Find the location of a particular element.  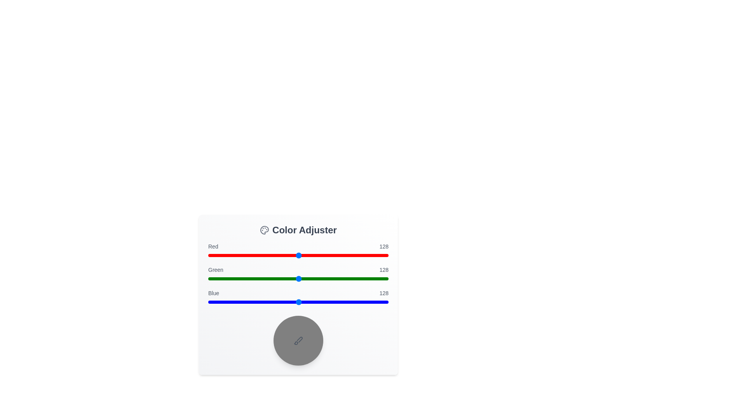

the brush icon within the circular preview area is located at coordinates (298, 340).